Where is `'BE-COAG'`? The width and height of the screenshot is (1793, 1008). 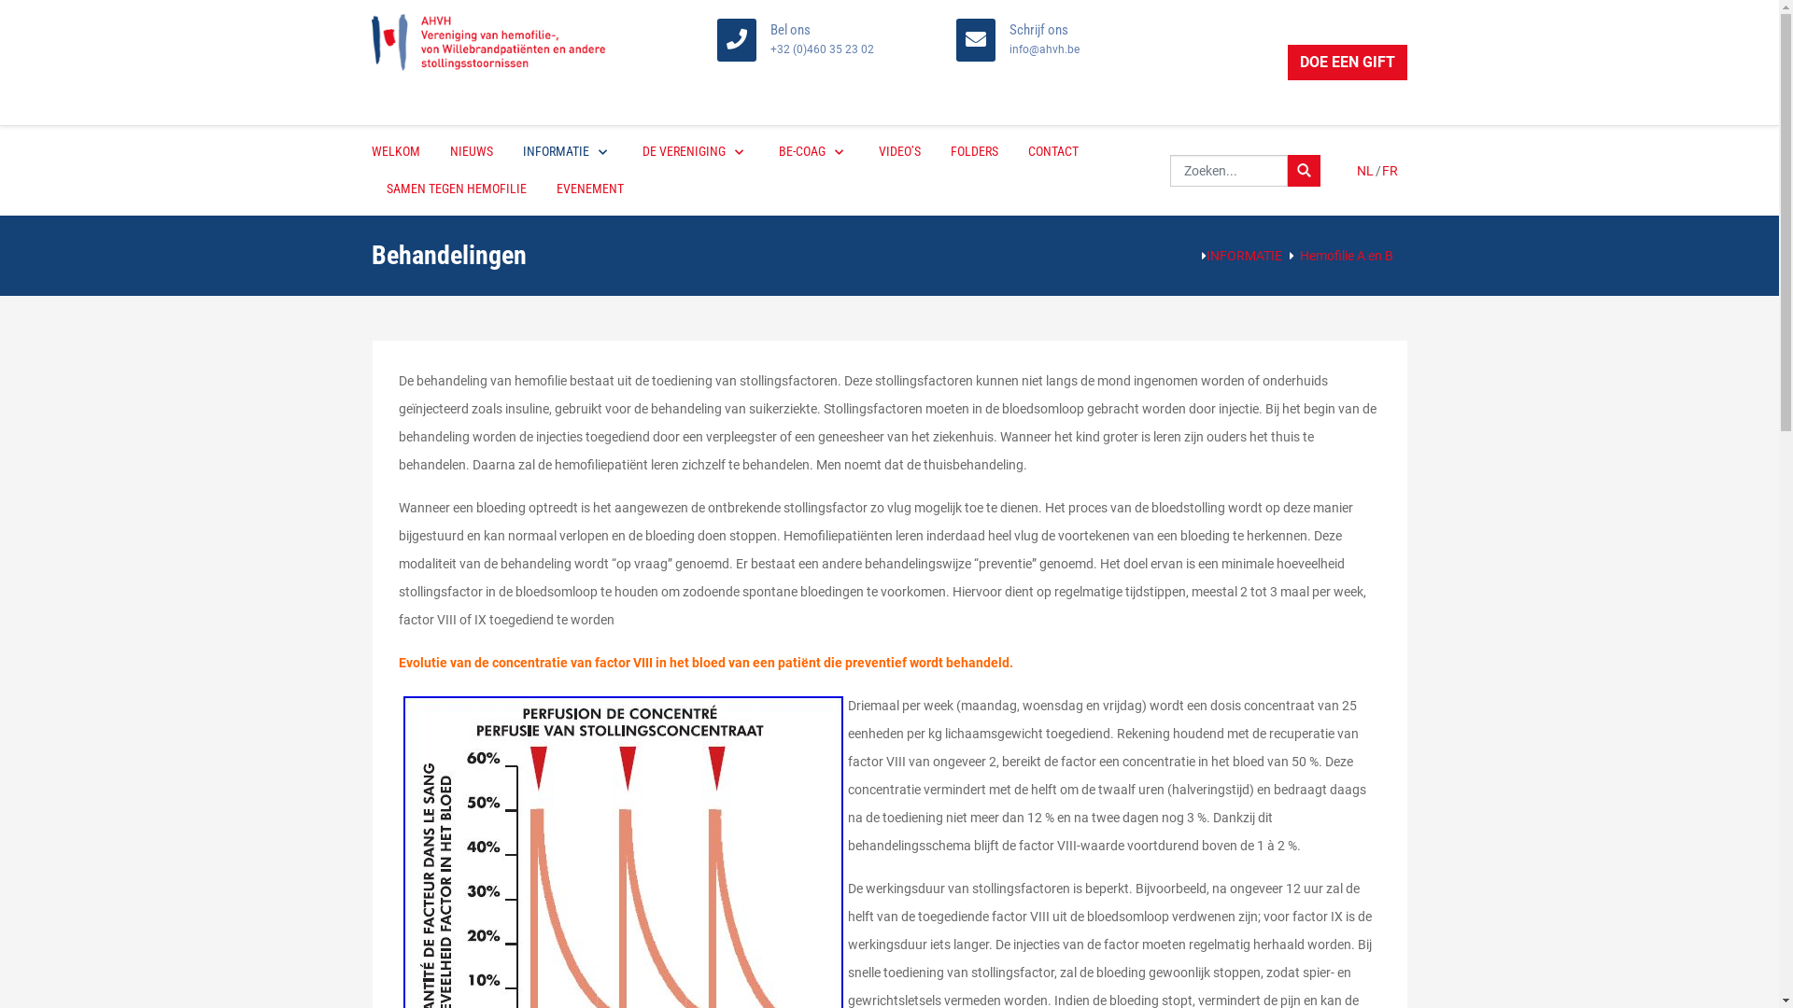 'BE-COAG' is located at coordinates (813, 150).